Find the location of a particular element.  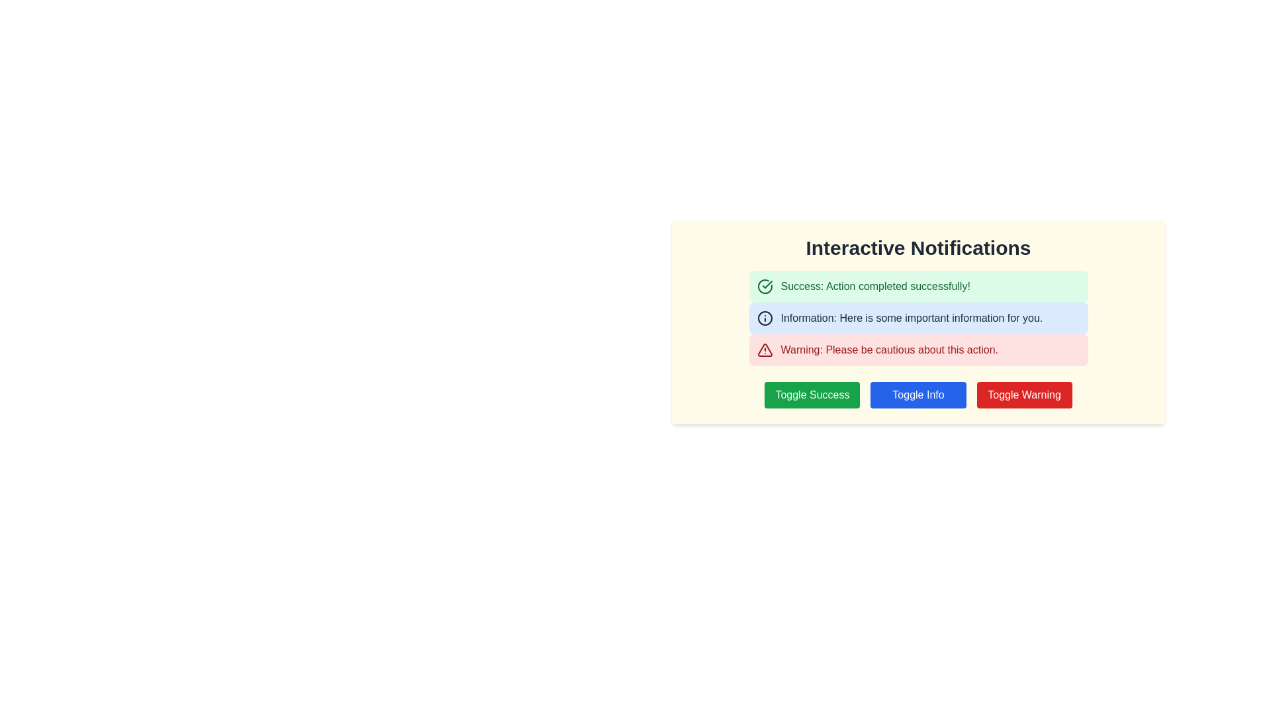

success notification text 'Success: Action completed successfully!' displayed in green within the notification bar at the top of the notifications is located at coordinates (875, 285).